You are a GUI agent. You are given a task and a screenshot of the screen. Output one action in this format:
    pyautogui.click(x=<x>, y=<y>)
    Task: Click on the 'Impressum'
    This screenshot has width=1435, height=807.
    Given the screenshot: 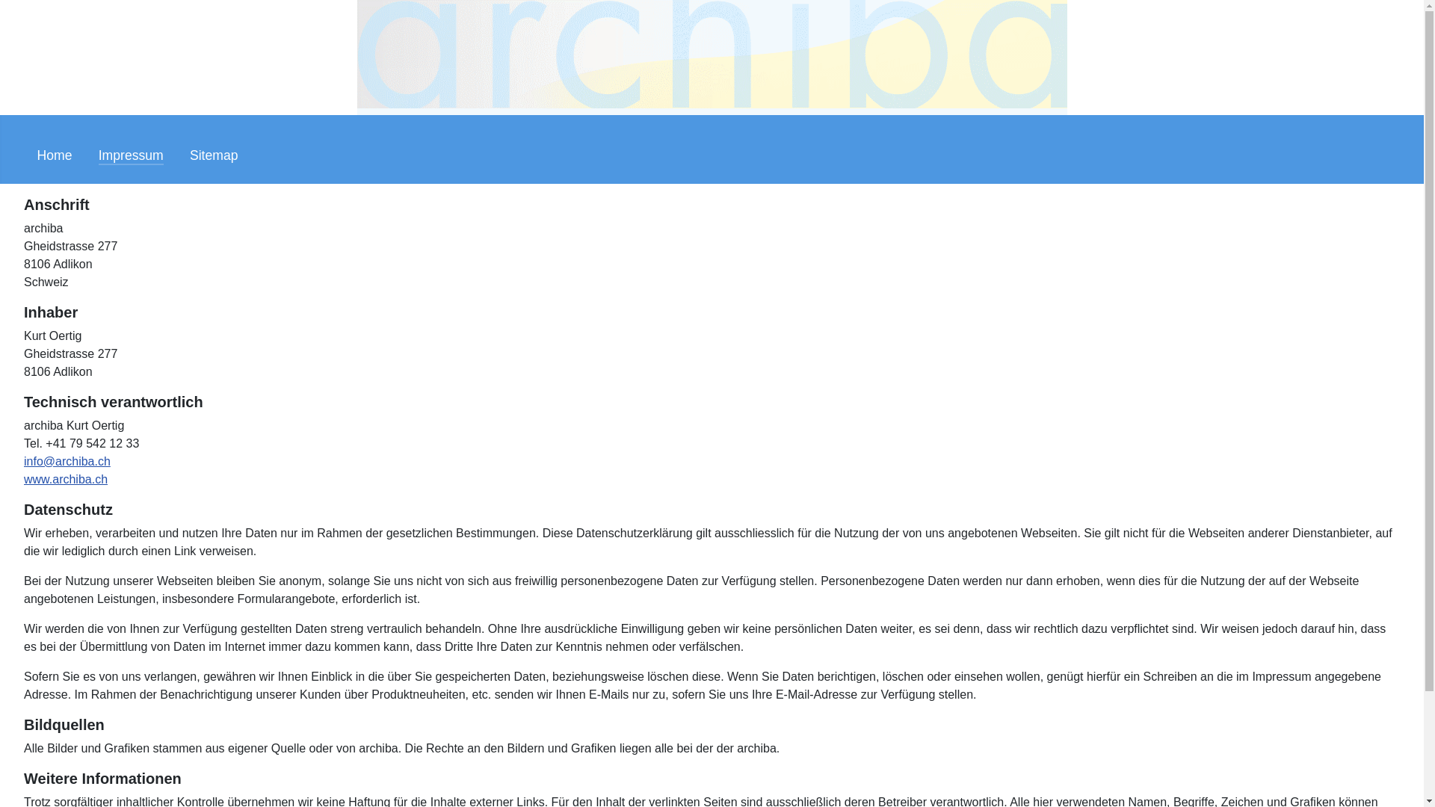 What is the action you would take?
    pyautogui.click(x=131, y=155)
    